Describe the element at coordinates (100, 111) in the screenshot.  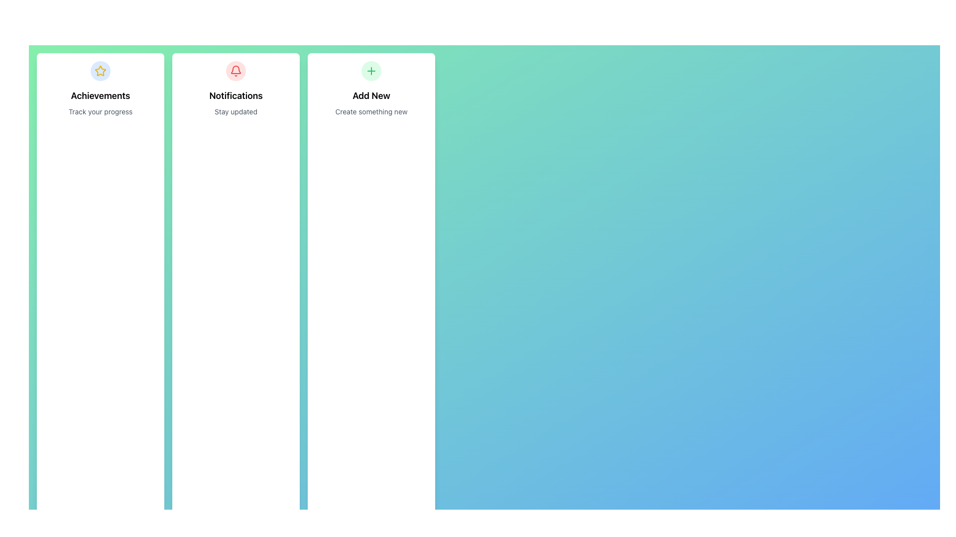
I see `the static text label that provides additional context for the 'Achievements' section, located directly under the bold heading titled 'Achievements'` at that location.